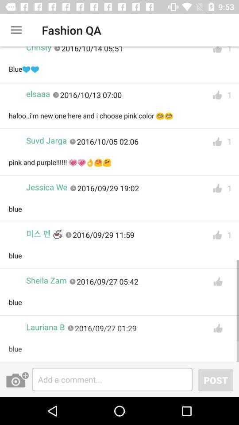 Image resolution: width=239 pixels, height=425 pixels. What do you see at coordinates (217, 52) in the screenshot?
I see `like a comment` at bounding box center [217, 52].